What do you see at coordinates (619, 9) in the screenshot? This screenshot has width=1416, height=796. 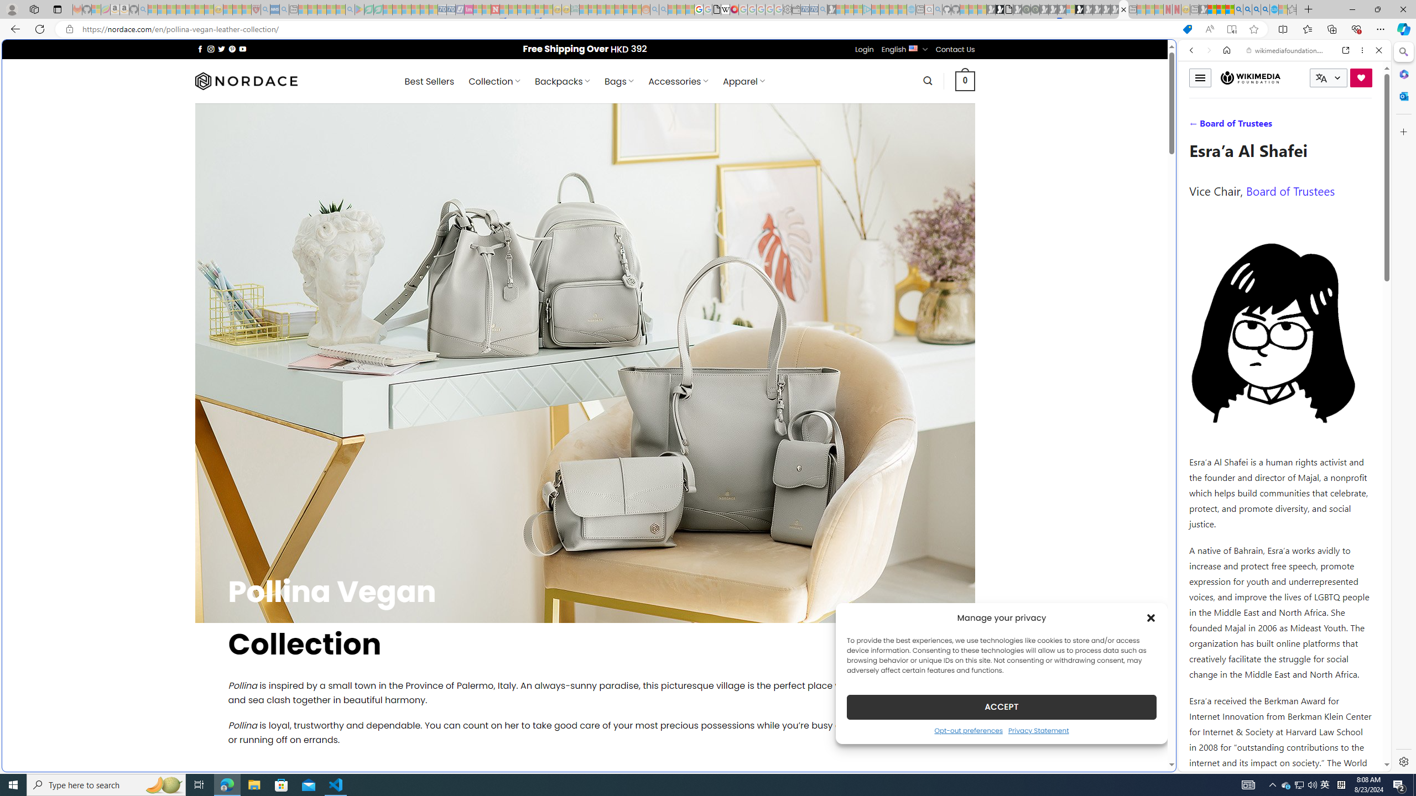 I see `'Kinda Frugal - MSN - Sleeping'` at bounding box center [619, 9].